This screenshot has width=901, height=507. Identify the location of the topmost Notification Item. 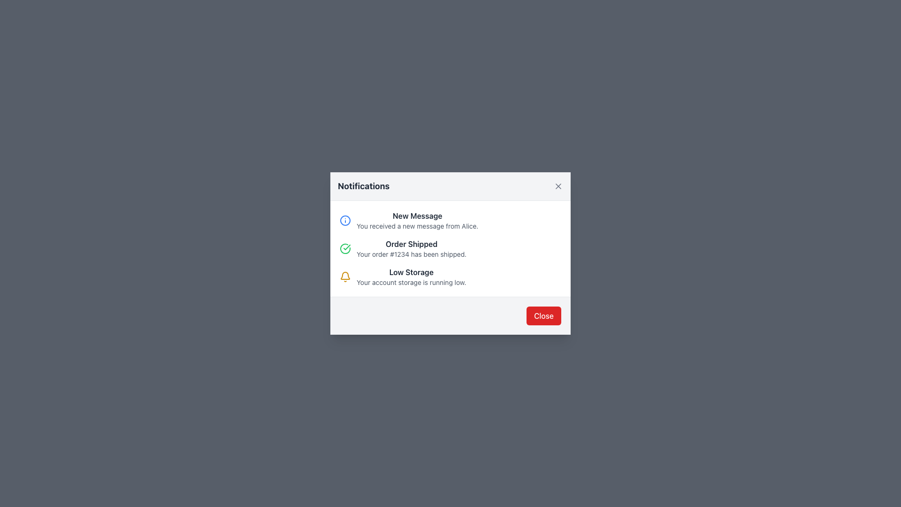
(450, 221).